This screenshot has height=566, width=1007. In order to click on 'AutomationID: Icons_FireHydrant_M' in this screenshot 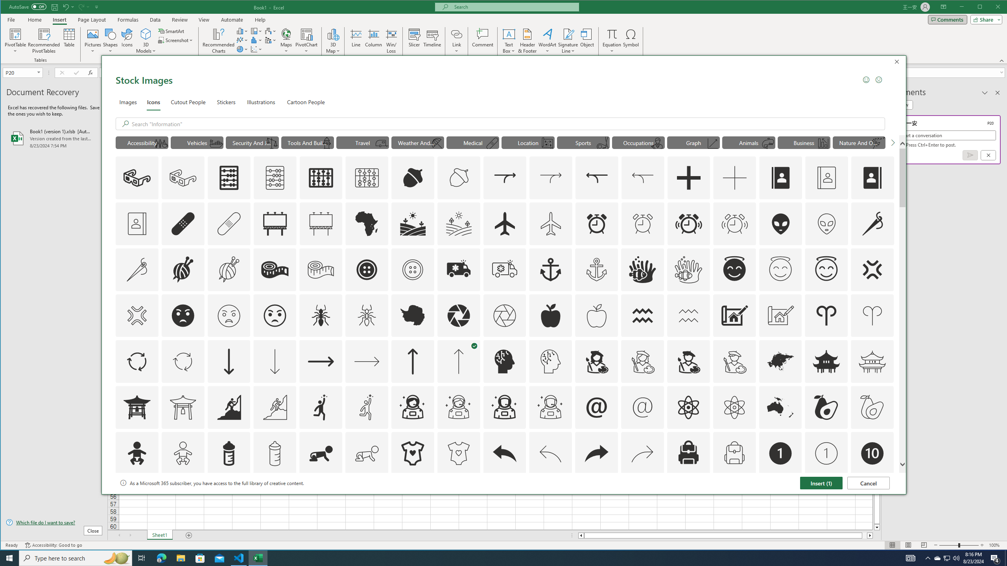, I will do `click(327, 143)`.